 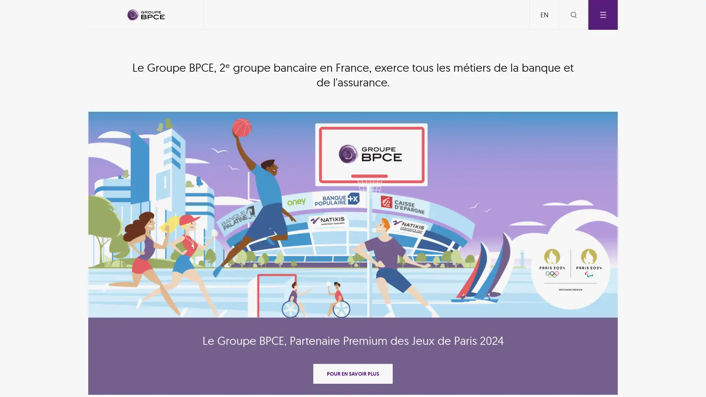 What do you see at coordinates (354, 268) in the screenshot?
I see `Customize` at bounding box center [354, 268].